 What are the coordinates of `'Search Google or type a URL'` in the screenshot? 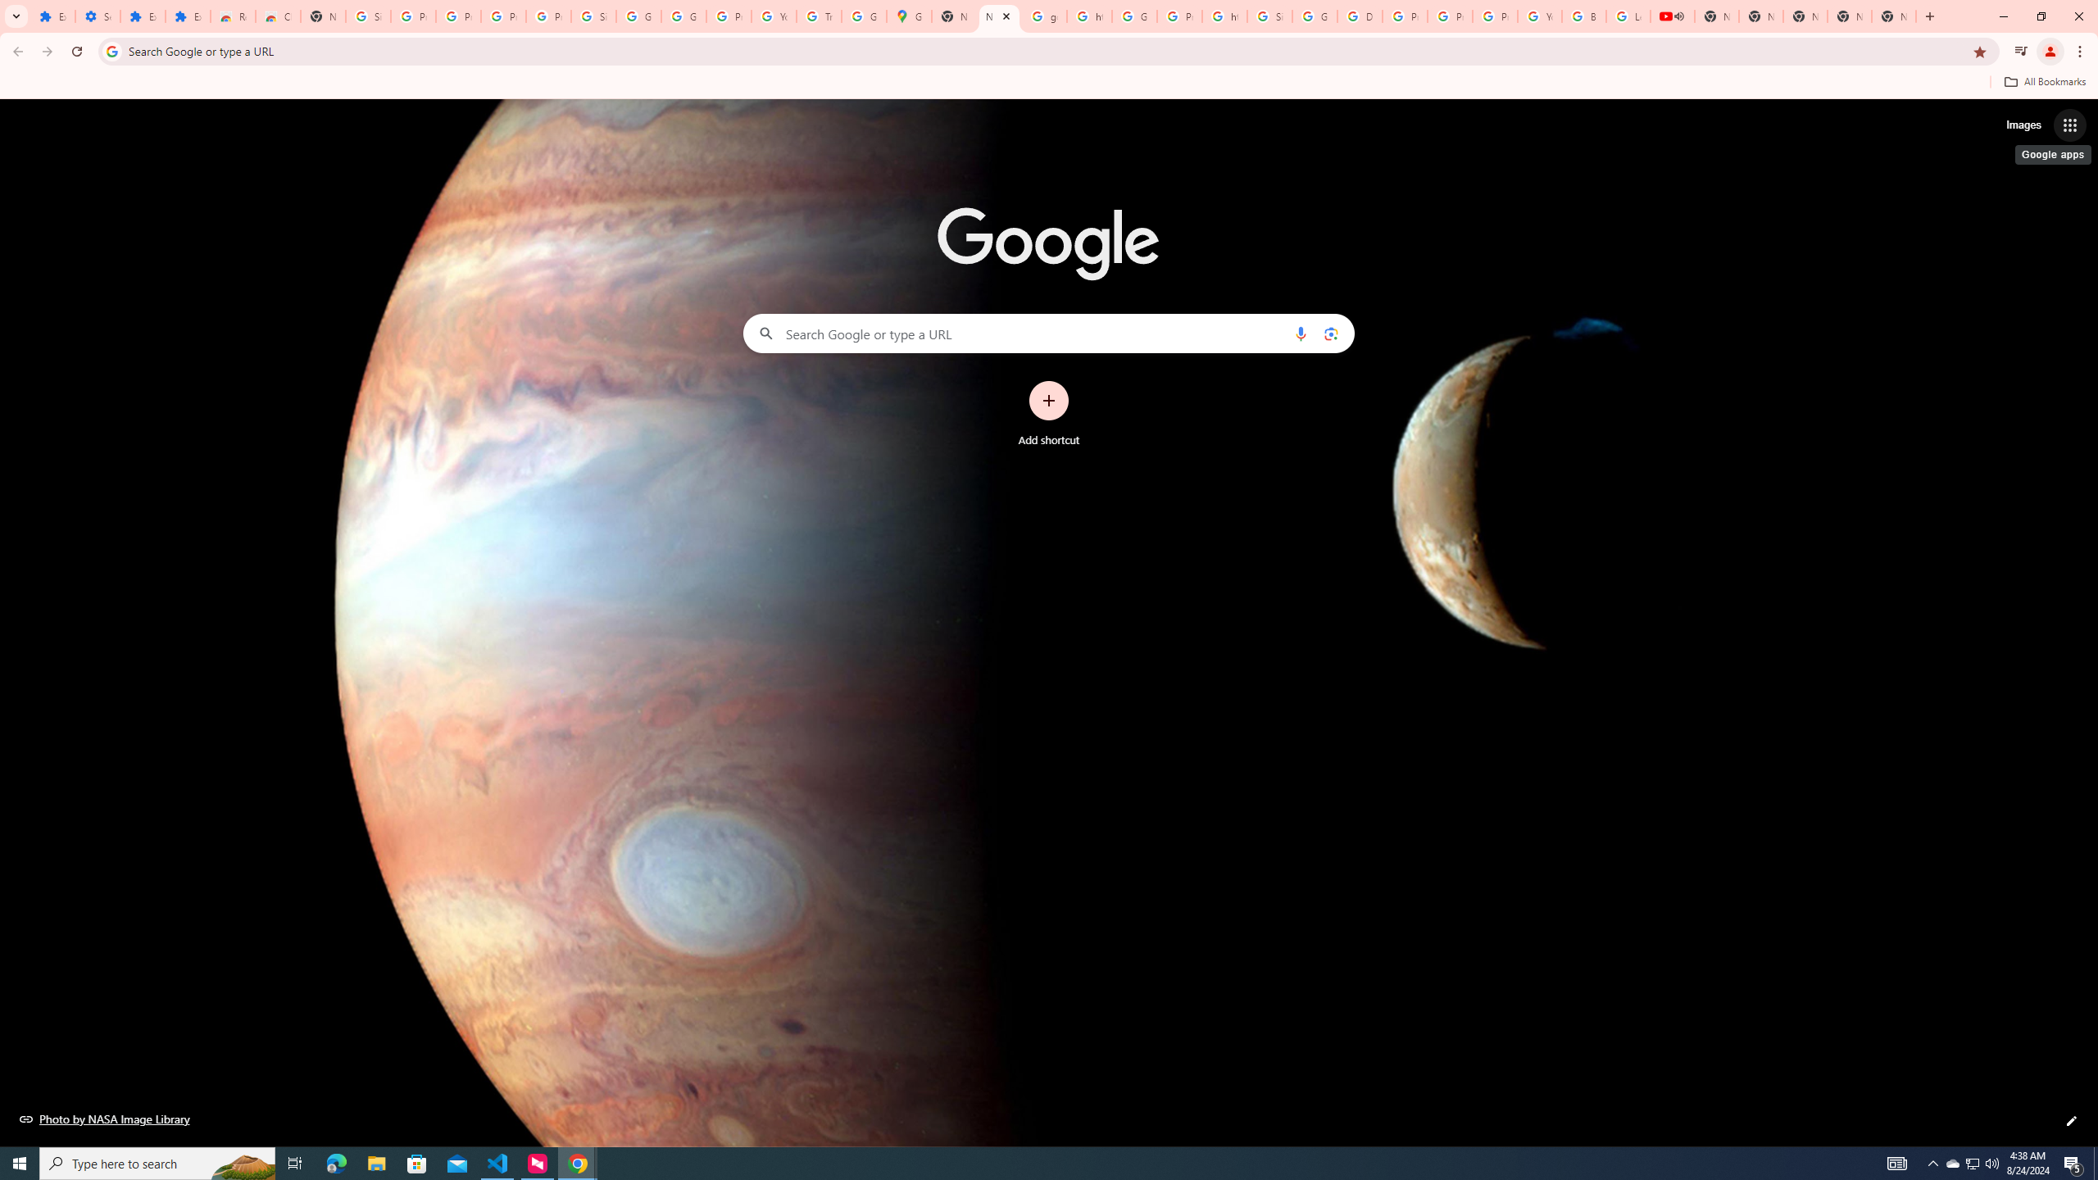 It's located at (1049, 332).